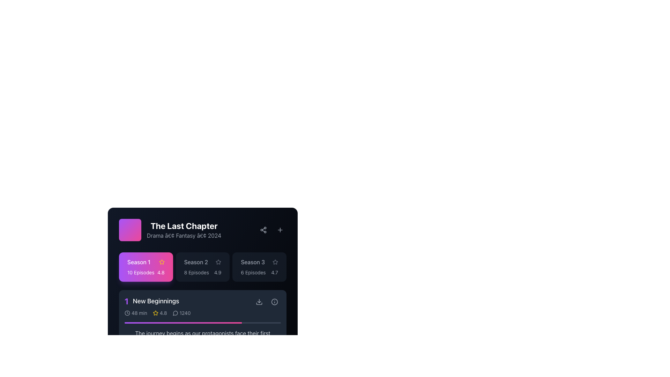  I want to click on the circular button with a '+' icon located at the top right corner of the card-like interface, so click(280, 230).